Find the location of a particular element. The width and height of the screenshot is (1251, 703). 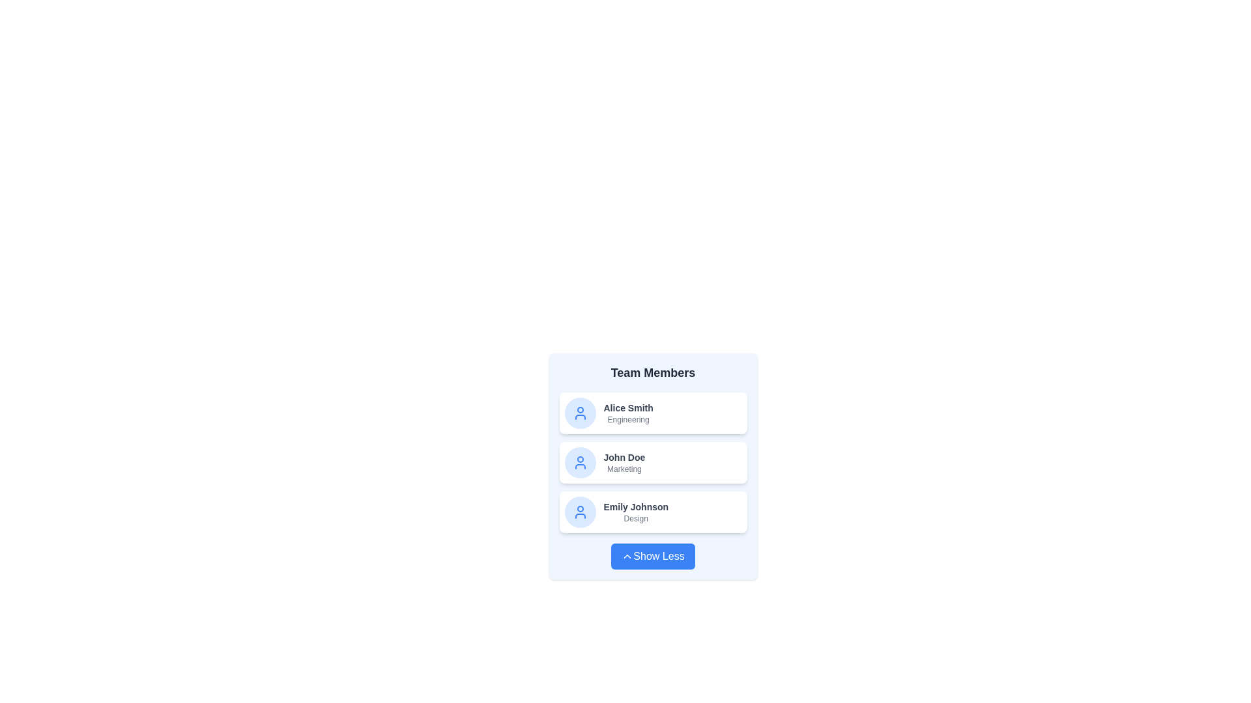

text information displayed for 'Emily Johnson' and 'Design', which is the third item in a vertically aligned list of team members is located at coordinates (636, 511).